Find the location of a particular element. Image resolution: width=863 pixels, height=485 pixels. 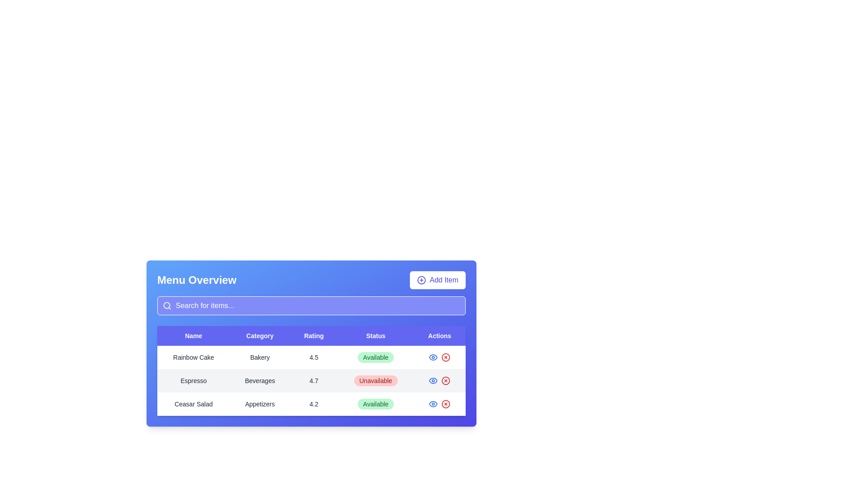

the static text label that serves as a header indicating the ratings for the menu items, located in the third column of the table header, between 'Category' and 'Status' is located at coordinates (314, 336).